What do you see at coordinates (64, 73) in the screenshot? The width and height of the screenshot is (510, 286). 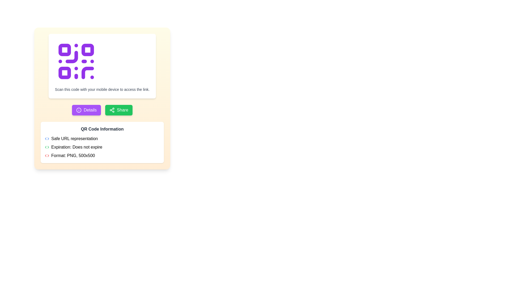 I see `the third rectangular component with rounded corners in the QR code graphic, located in the bottom-left corner of the QR code layout` at bounding box center [64, 73].